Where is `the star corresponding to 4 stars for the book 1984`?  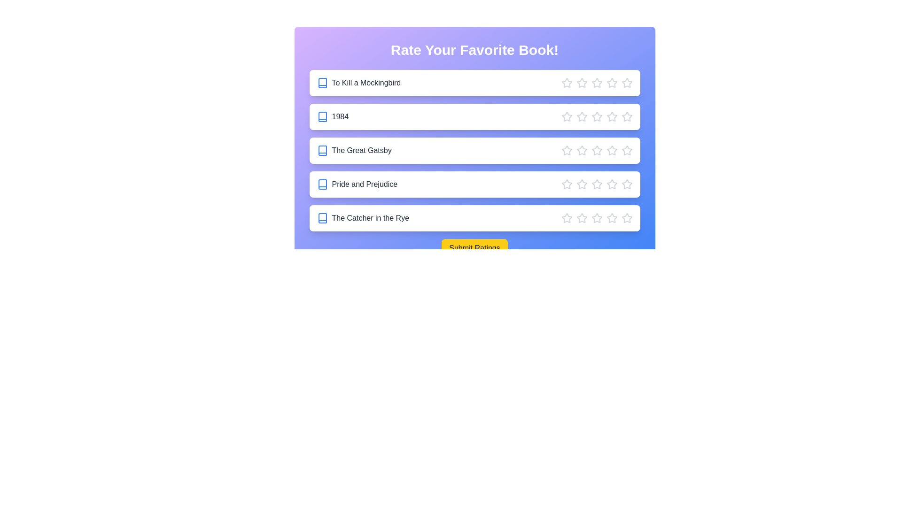
the star corresponding to 4 stars for the book 1984 is located at coordinates (612, 116).